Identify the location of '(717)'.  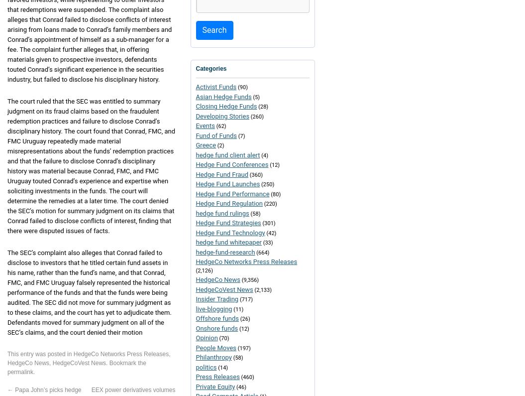
(238, 299).